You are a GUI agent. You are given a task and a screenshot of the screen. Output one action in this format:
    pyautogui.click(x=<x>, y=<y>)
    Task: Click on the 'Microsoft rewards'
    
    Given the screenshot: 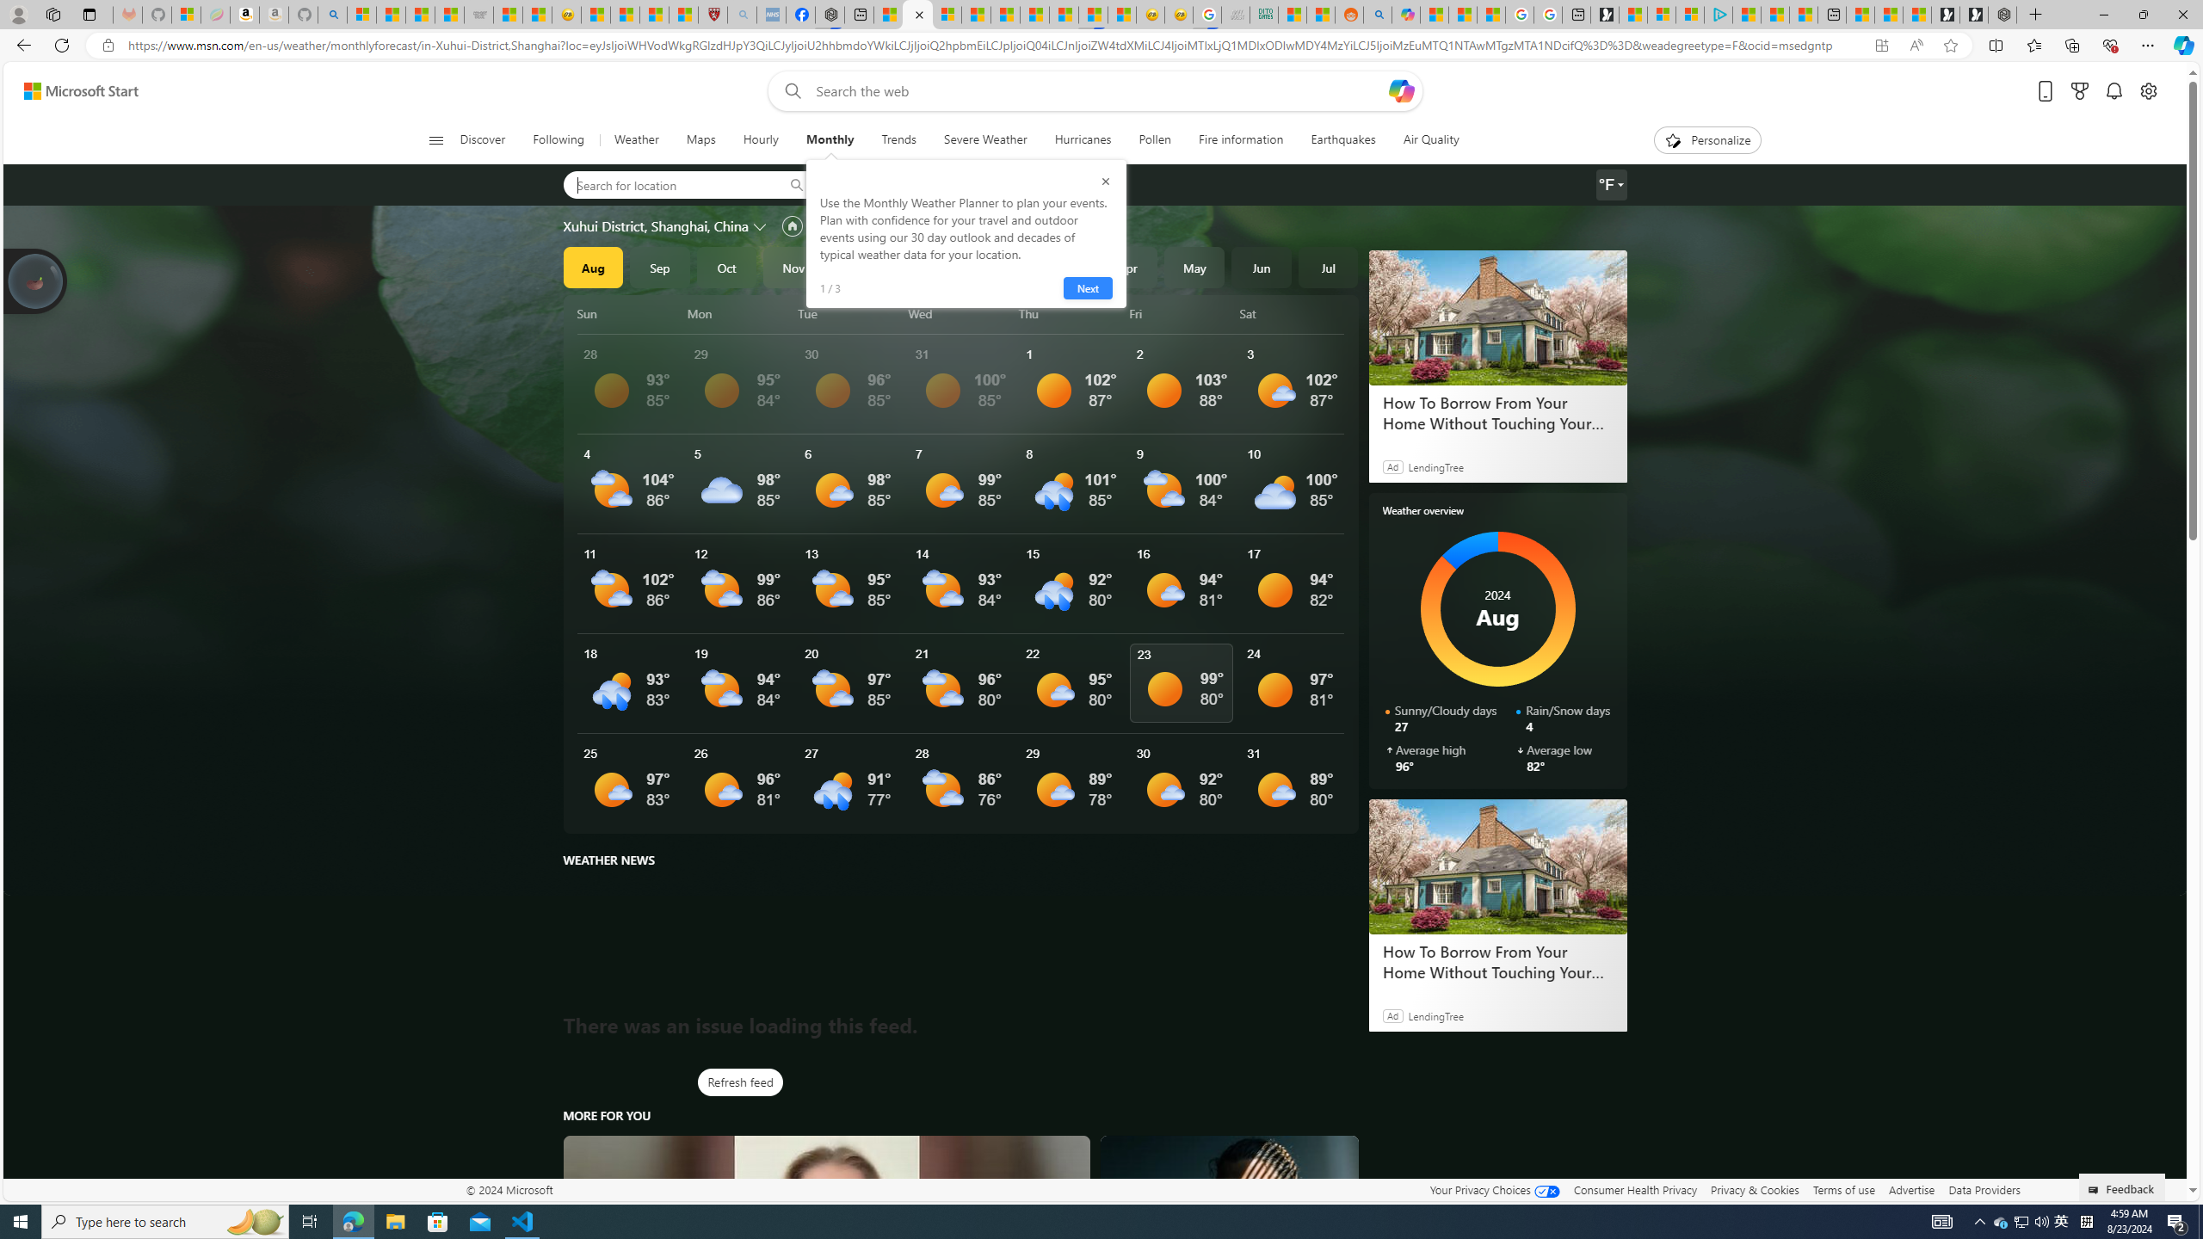 What is the action you would take?
    pyautogui.click(x=2079, y=91)
    